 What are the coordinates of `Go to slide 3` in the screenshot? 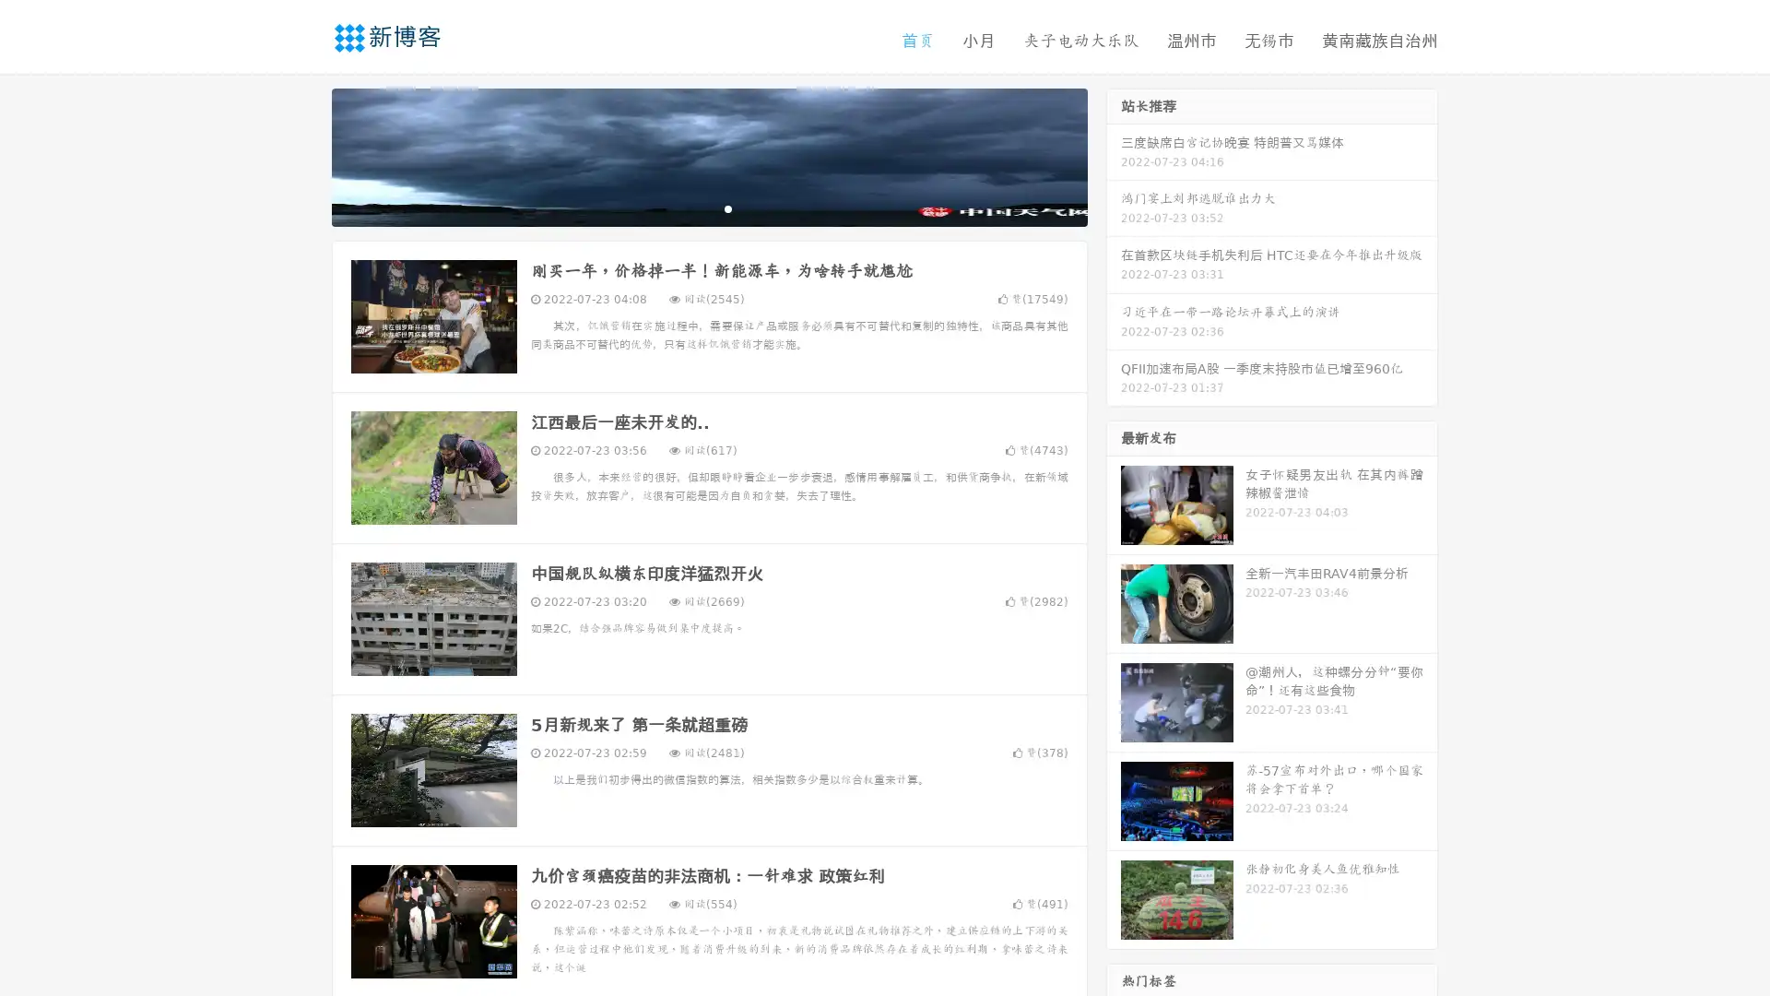 It's located at (727, 207).